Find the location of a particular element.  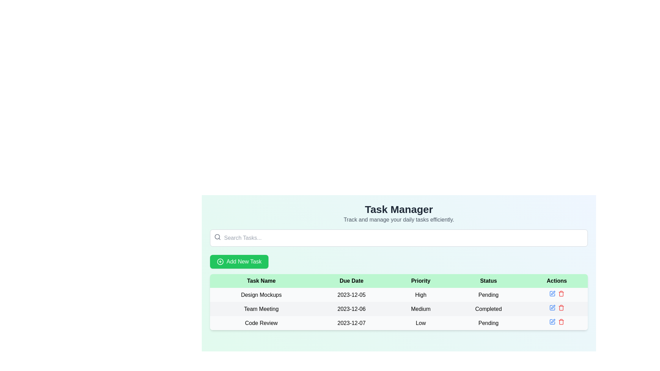

the circular graphic of the magnifying glass icon associated with the search field located near the top left of the content area is located at coordinates (217, 236).